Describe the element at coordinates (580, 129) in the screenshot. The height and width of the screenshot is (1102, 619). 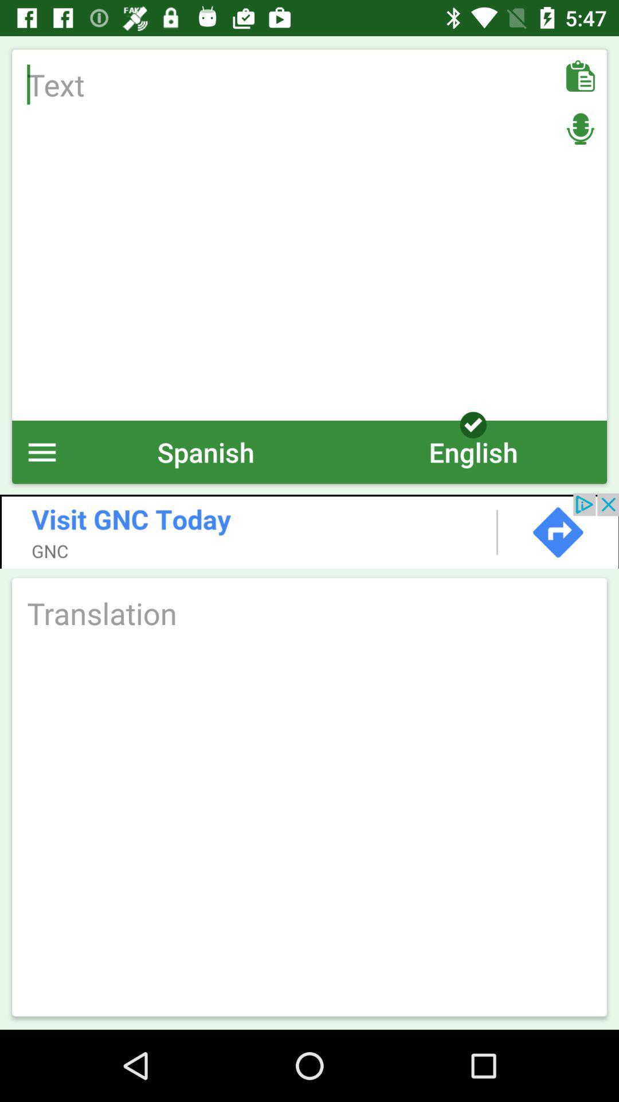
I see `give a voice text` at that location.